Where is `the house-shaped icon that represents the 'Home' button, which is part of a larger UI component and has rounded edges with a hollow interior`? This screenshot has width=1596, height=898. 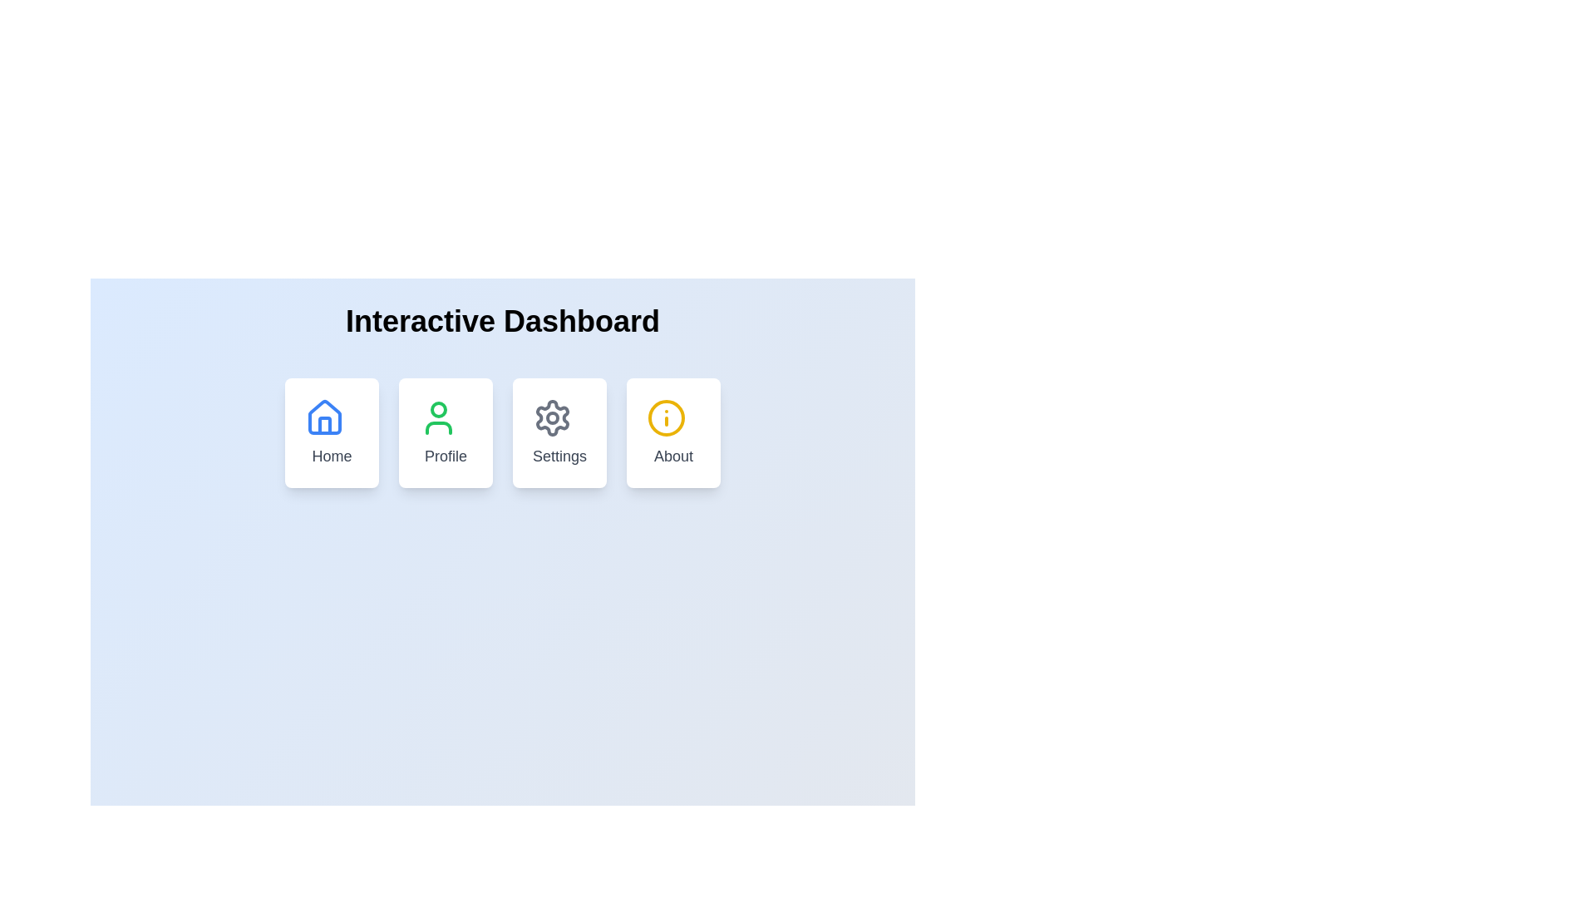
the house-shaped icon that represents the 'Home' button, which is part of a larger UI component and has rounded edges with a hollow interior is located at coordinates (324, 416).